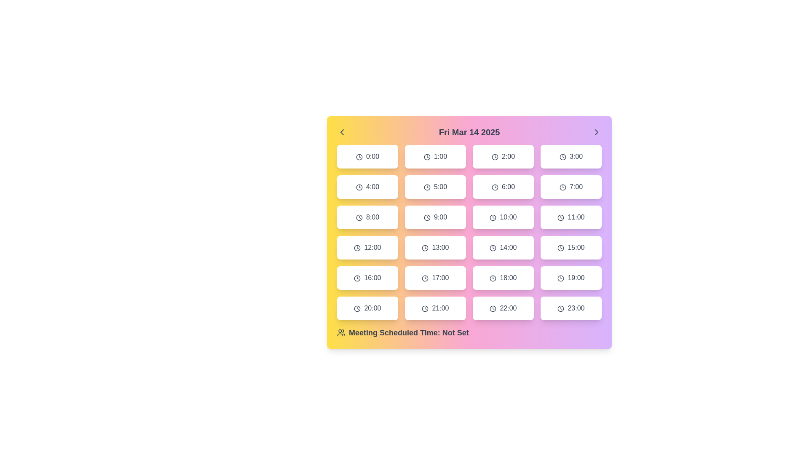 This screenshot has width=809, height=455. Describe the element at coordinates (341, 332) in the screenshot. I see `the SVG icon representing a group of people, which is located to the left of the text 'Meeting Scheduled Time: Not Set'` at that location.